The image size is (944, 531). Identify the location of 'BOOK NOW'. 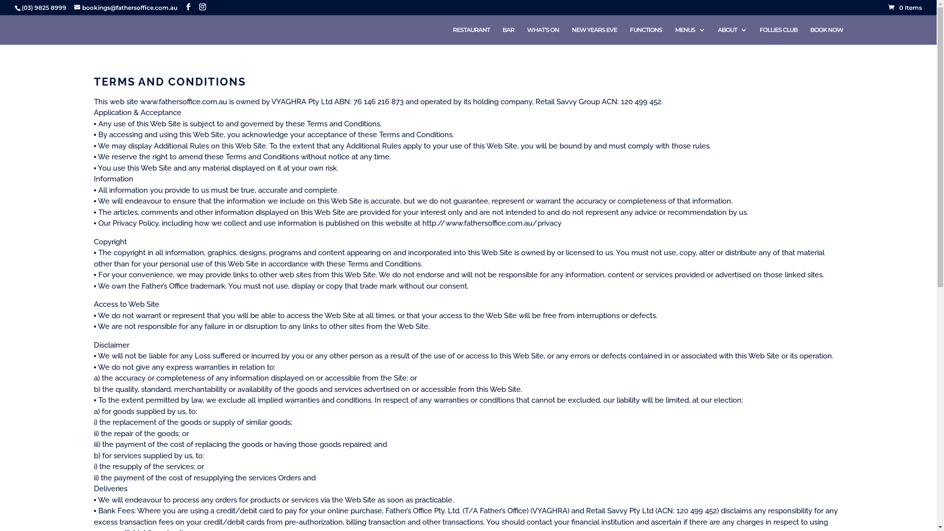
(826, 35).